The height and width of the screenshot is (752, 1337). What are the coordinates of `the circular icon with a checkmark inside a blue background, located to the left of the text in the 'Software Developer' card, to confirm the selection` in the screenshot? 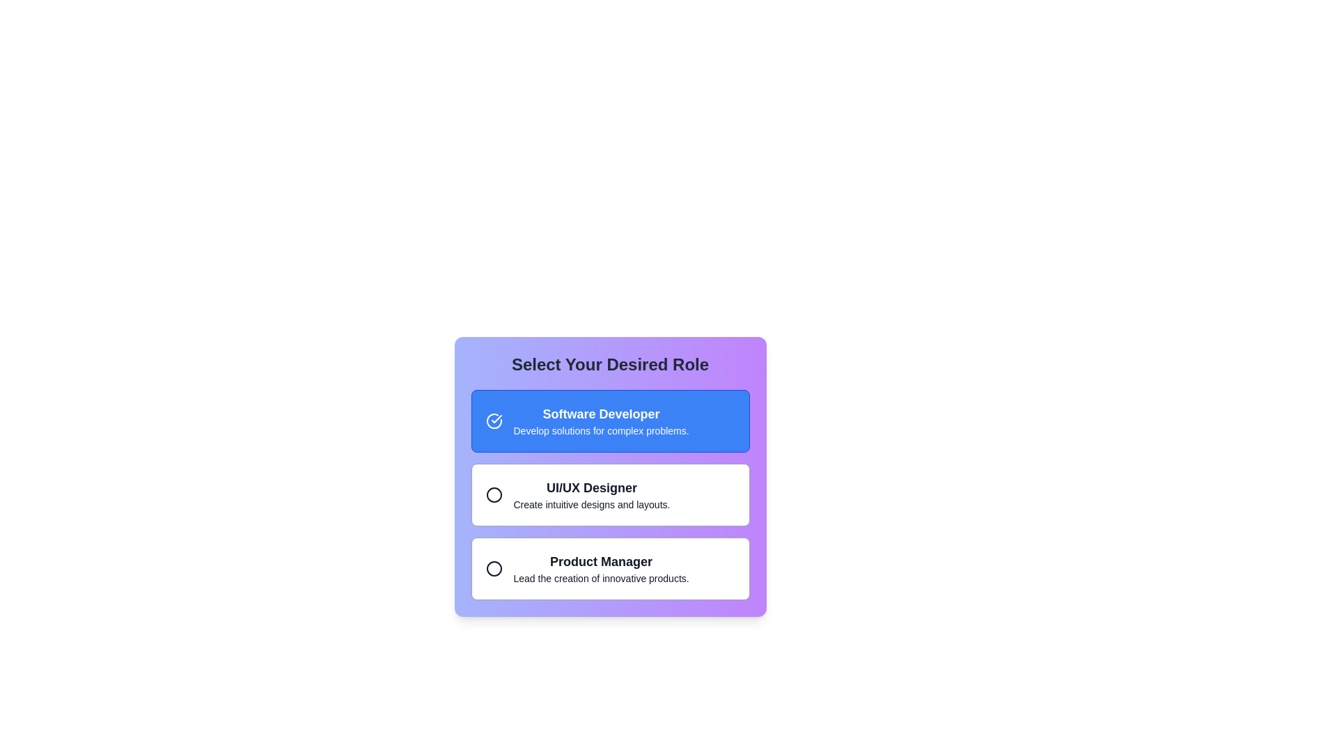 It's located at (494, 421).